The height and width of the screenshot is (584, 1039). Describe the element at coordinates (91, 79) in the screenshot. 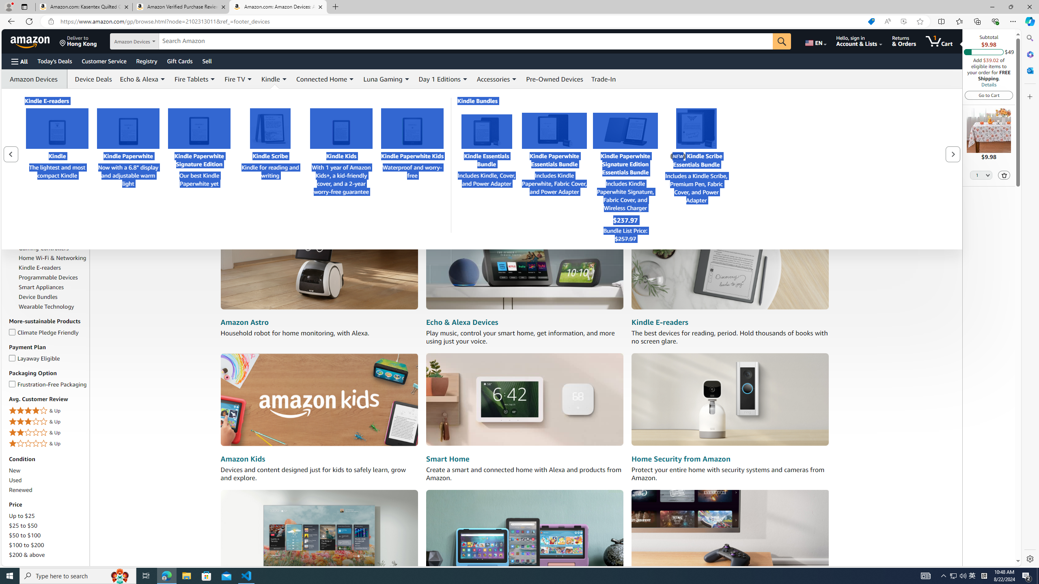

I see `'Device Deals'` at that location.